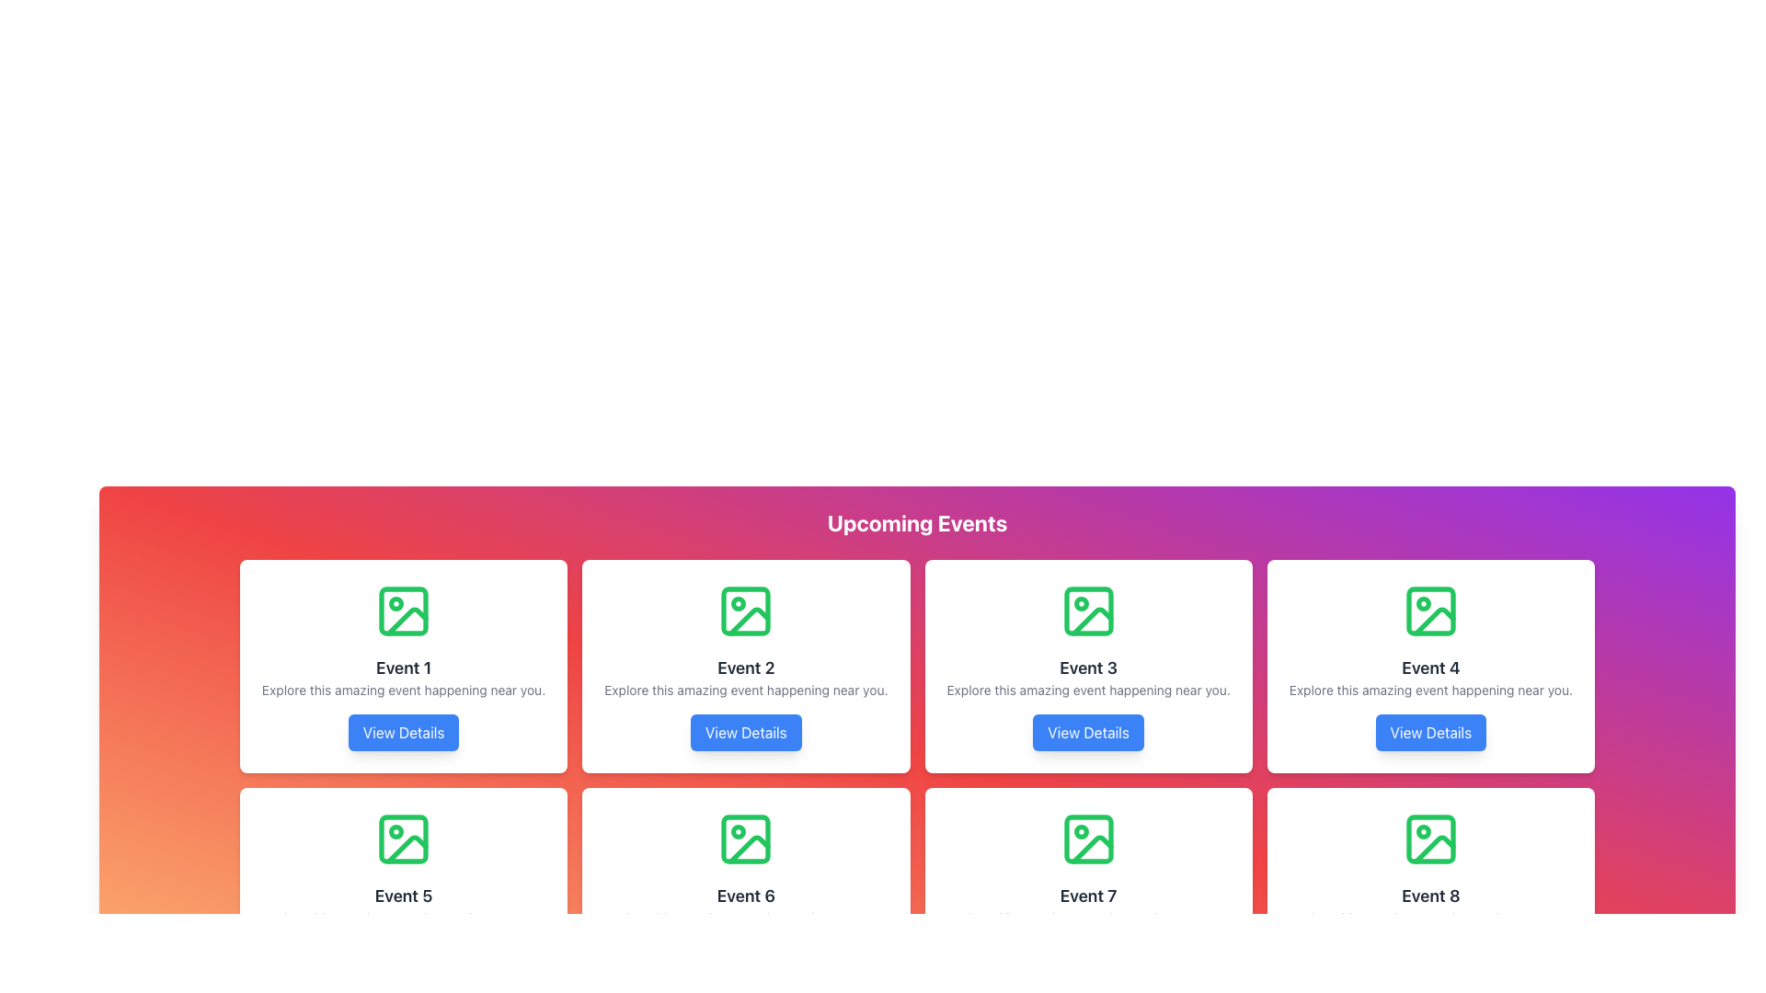 This screenshot has width=1766, height=993. I want to click on the decorative icon representing 'Event 5' located in the second row, first column of the six-event grid layout, so click(403, 839).